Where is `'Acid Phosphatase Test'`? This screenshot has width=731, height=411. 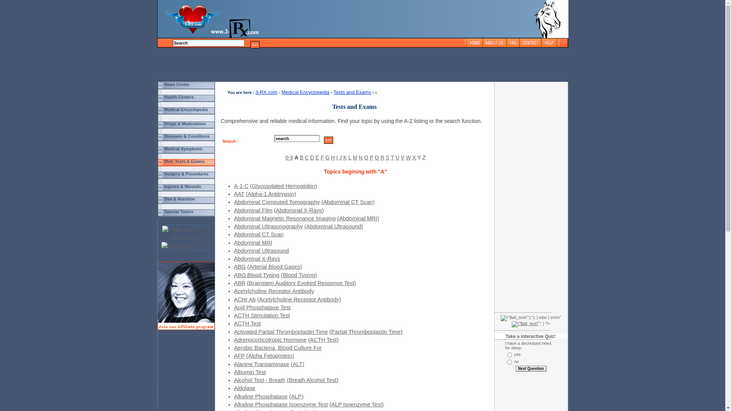
'Acid Phosphatase Test' is located at coordinates (262, 307).